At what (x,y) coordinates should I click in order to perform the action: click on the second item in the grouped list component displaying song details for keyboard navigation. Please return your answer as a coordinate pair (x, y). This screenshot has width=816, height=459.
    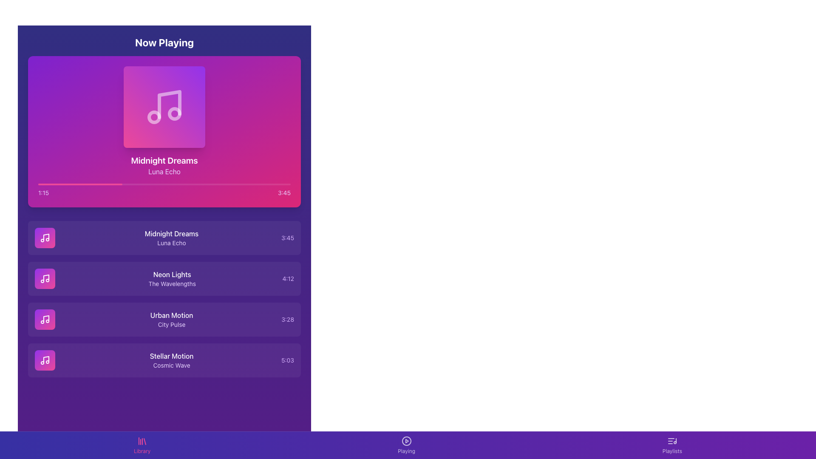
    Looking at the image, I should click on (164, 299).